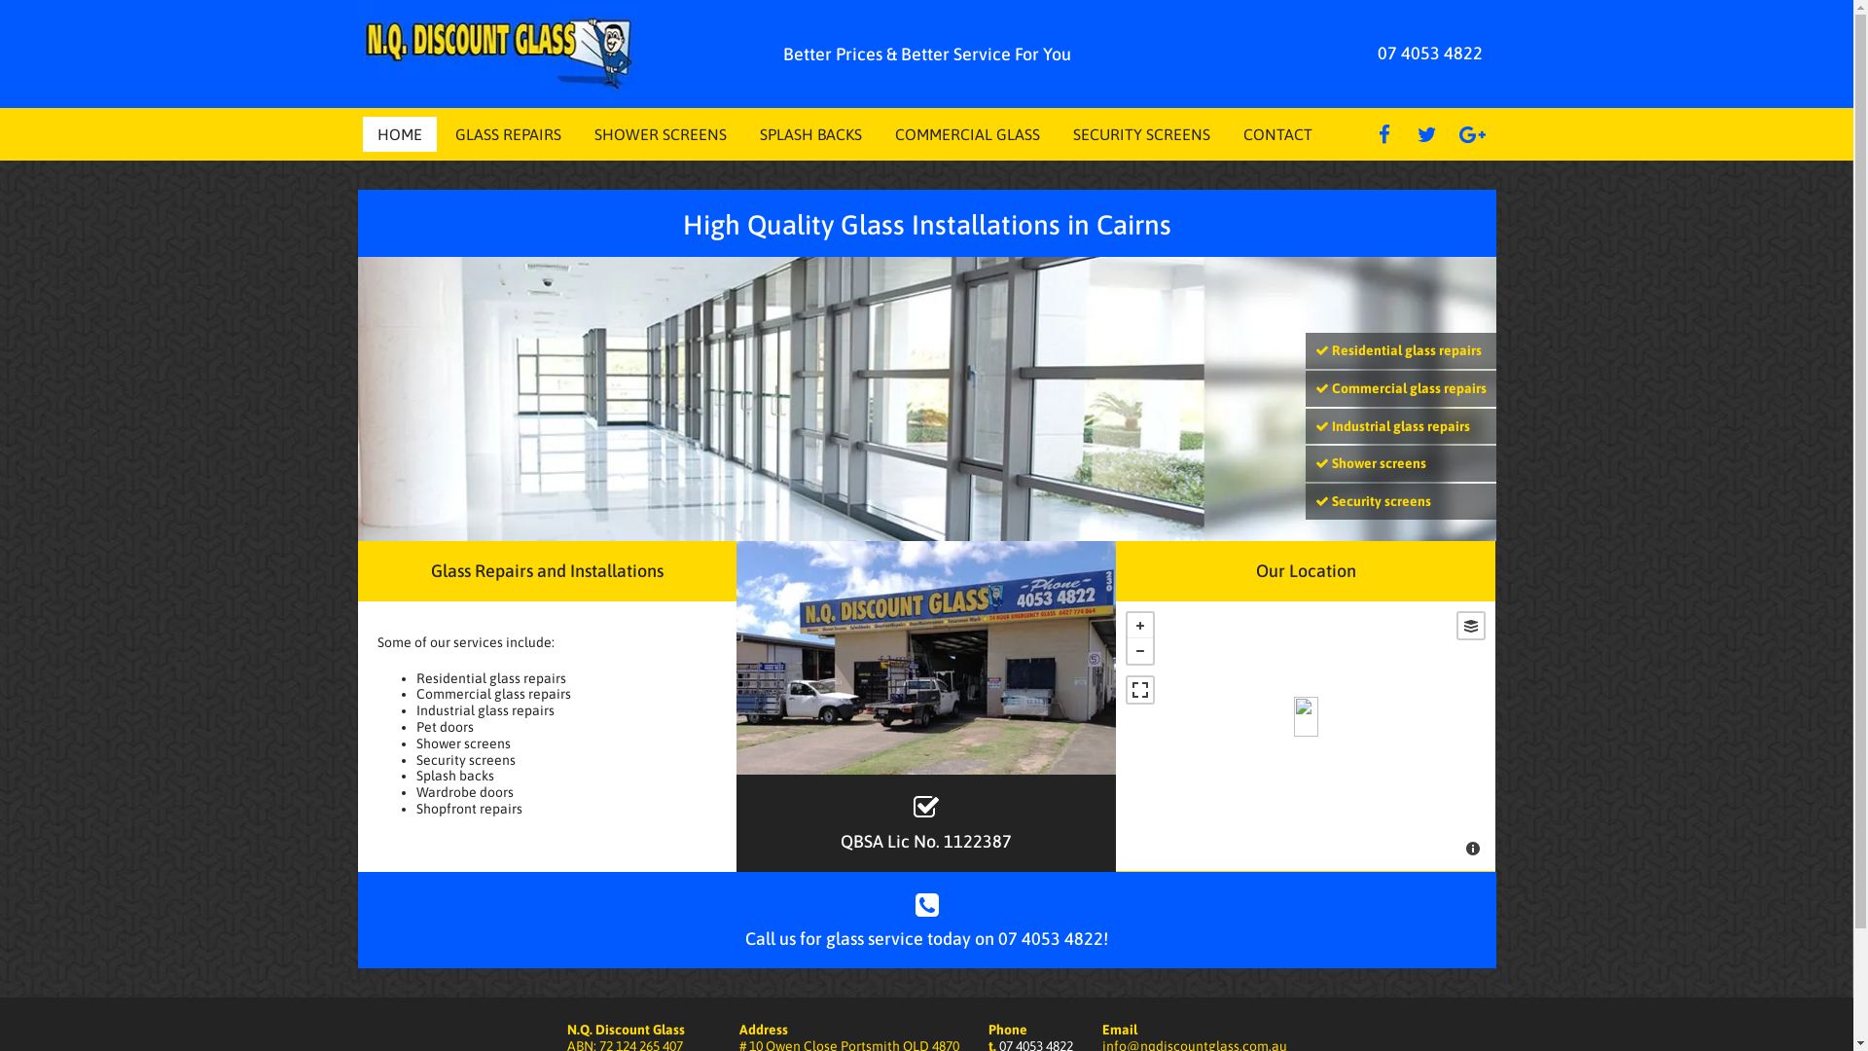  What do you see at coordinates (453, 133) in the screenshot?
I see `'GLASS REPAIRS'` at bounding box center [453, 133].